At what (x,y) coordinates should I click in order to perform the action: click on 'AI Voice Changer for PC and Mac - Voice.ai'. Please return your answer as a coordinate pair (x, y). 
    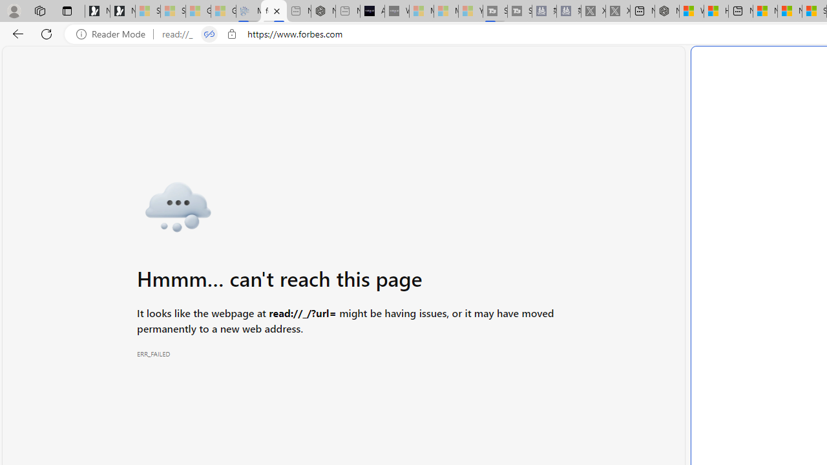
    Looking at the image, I should click on (372, 11).